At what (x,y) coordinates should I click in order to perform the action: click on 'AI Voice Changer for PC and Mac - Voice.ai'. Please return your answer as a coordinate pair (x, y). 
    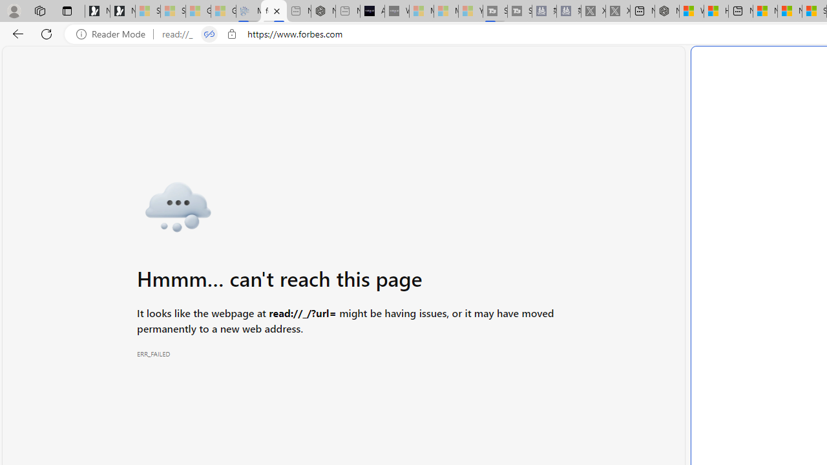
    Looking at the image, I should click on (372, 11).